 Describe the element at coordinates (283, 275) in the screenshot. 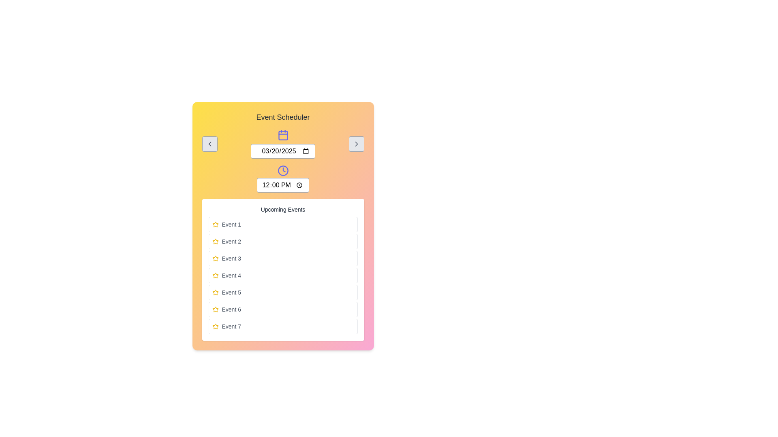

I see `the 'Event 4' entry in the list of upcoming events` at that location.